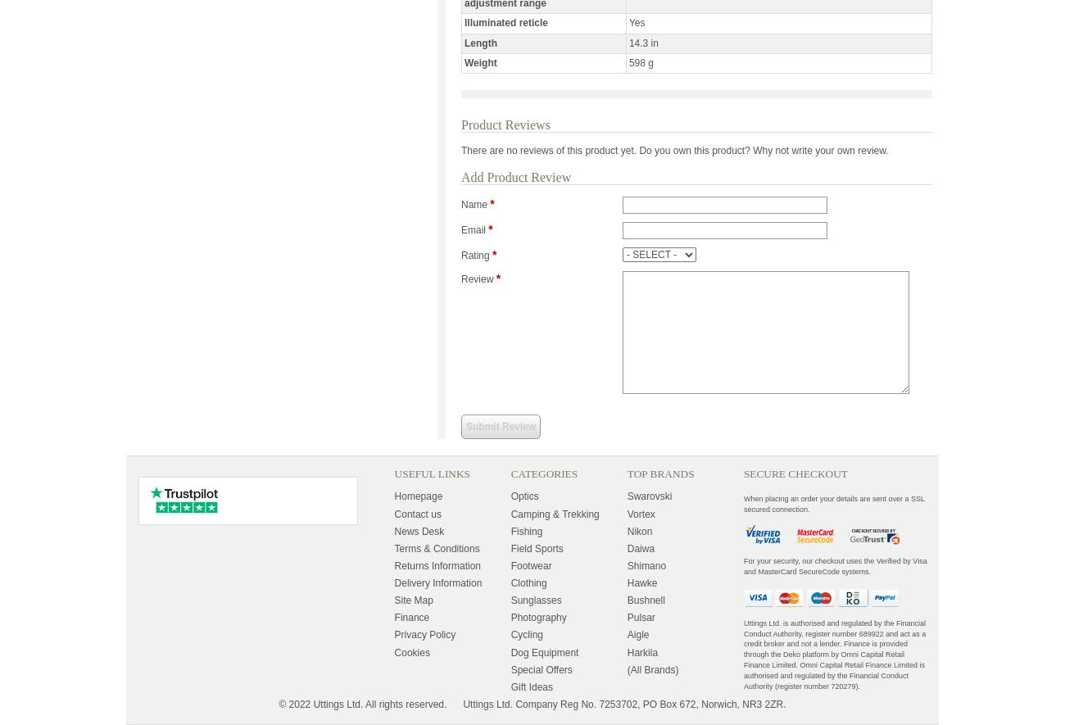 Image resolution: width=1065 pixels, height=725 pixels. Describe the element at coordinates (417, 513) in the screenshot. I see `'Contact us'` at that location.